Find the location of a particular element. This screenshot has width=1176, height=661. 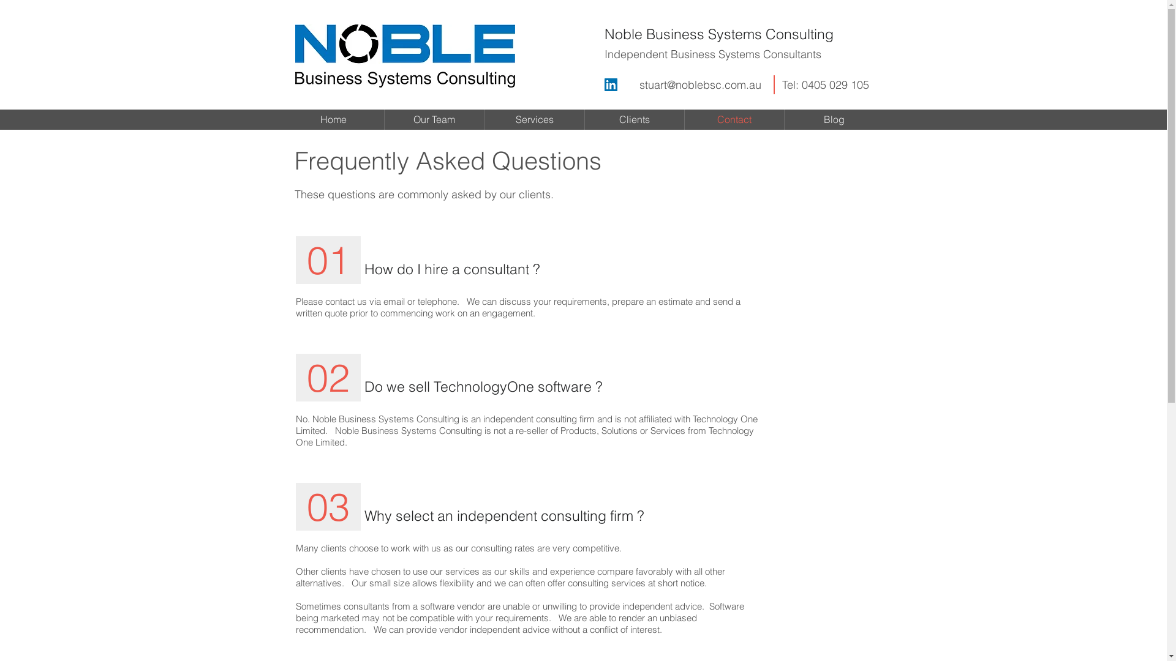

'stuart@noblebsc.com.au' is located at coordinates (638, 84).